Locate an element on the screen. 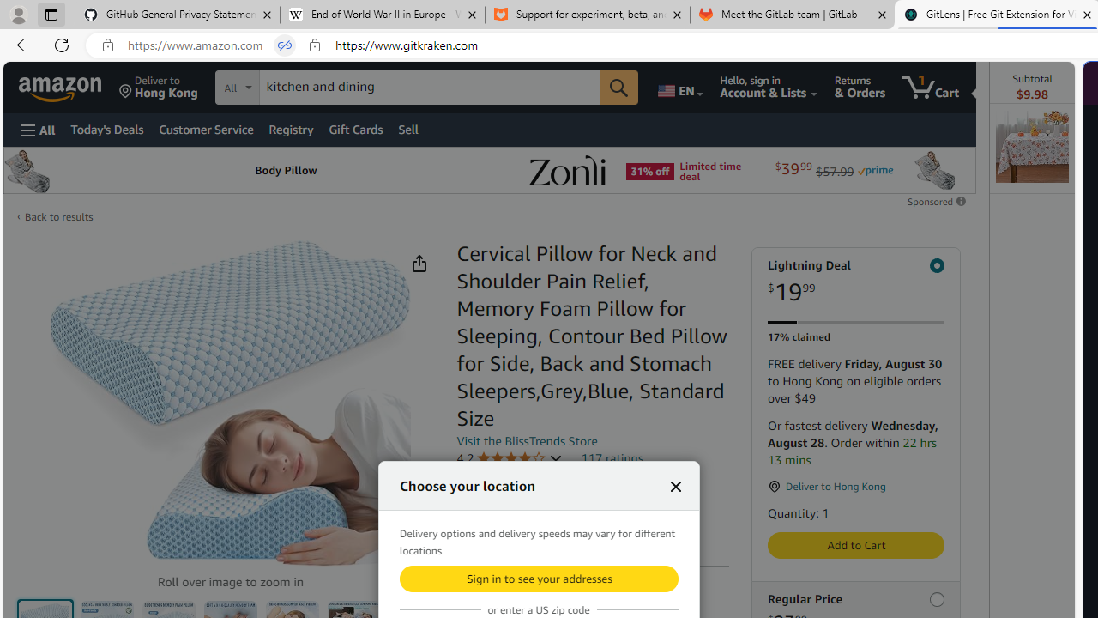 The width and height of the screenshot is (1098, 618). 'Back to results' is located at coordinates (59, 215).